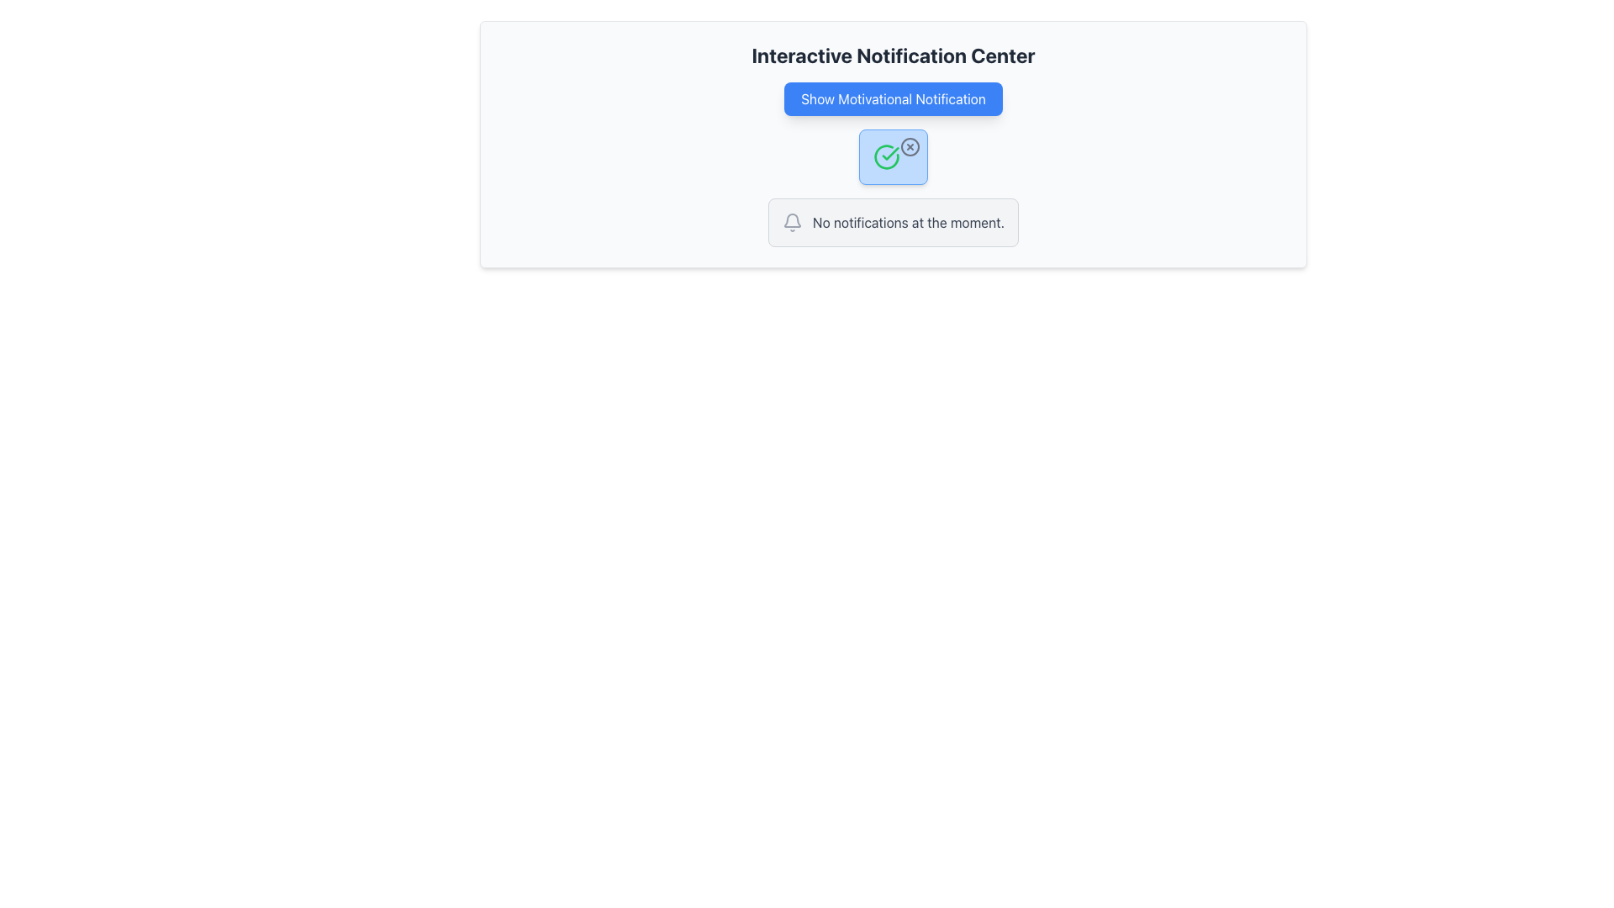 The width and height of the screenshot is (1614, 908). What do you see at coordinates (910, 145) in the screenshot?
I see `the circular outline with a cross mark inside, which resembles a cancel or close icon, located in the center-middle of the interface` at bounding box center [910, 145].